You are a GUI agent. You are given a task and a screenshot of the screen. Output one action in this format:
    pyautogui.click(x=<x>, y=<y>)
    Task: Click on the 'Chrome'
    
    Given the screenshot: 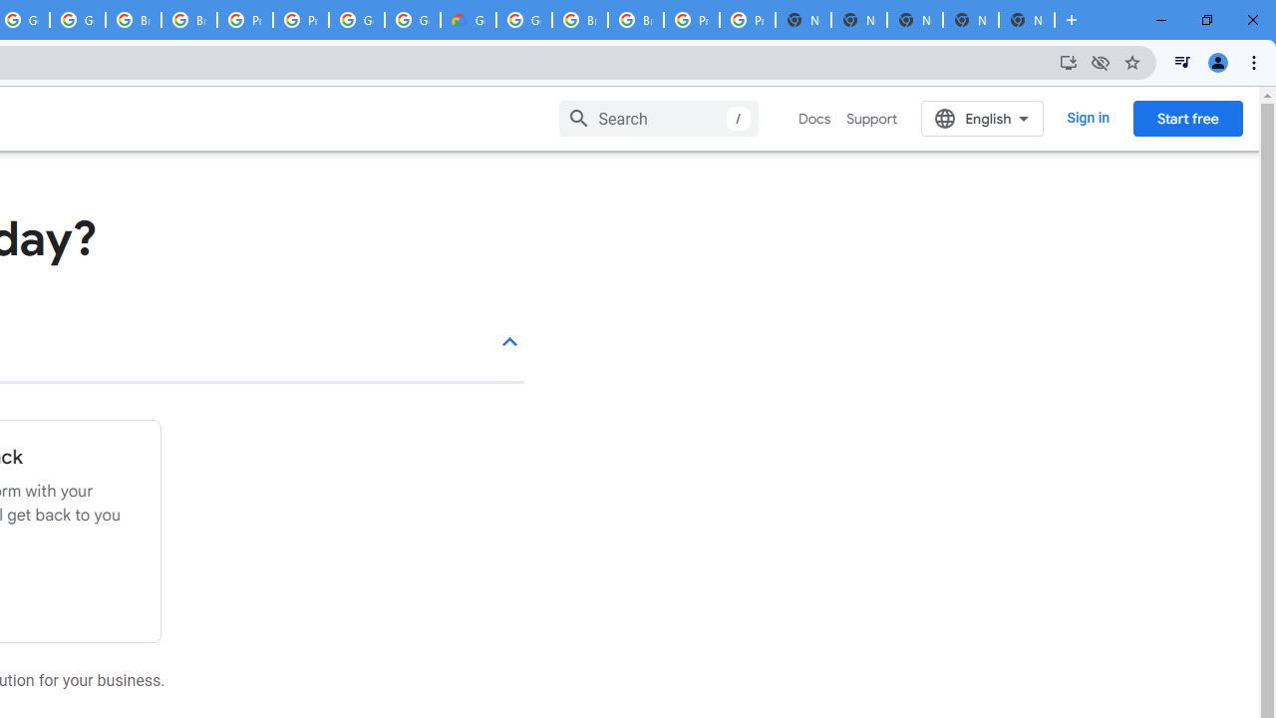 What is the action you would take?
    pyautogui.click(x=1255, y=61)
    